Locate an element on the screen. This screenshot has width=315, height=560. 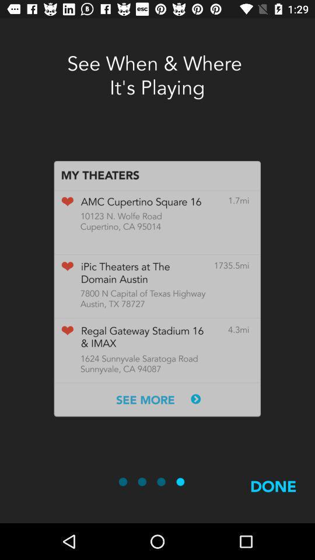
theater options is located at coordinates (157, 288).